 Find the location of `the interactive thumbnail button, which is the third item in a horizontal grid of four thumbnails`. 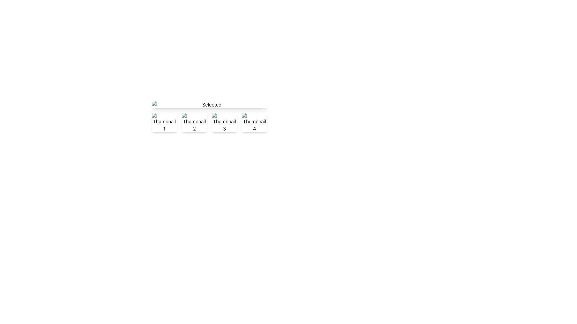

the interactive thumbnail button, which is the third item in a horizontal grid of four thumbnails is located at coordinates (224, 122).